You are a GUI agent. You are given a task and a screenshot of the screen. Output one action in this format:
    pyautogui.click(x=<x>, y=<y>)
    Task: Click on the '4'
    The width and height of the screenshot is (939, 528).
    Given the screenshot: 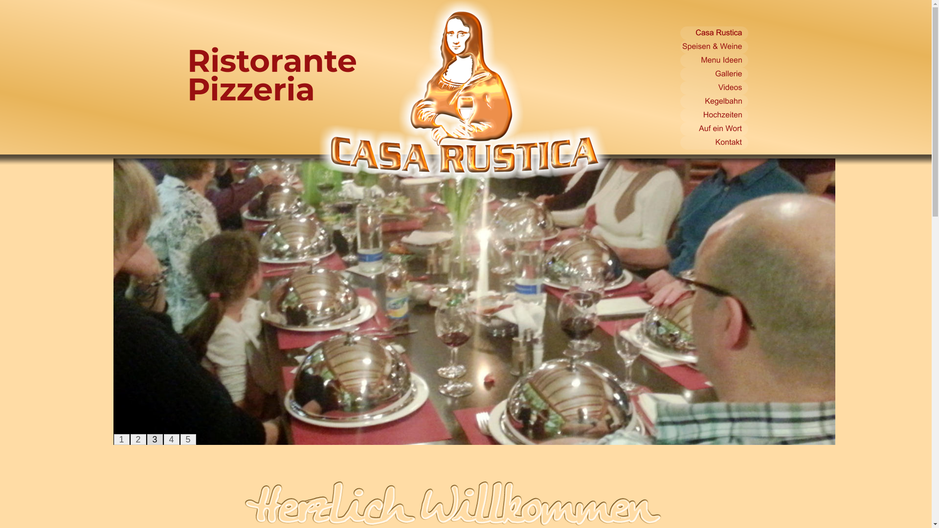 What is the action you would take?
    pyautogui.click(x=171, y=439)
    